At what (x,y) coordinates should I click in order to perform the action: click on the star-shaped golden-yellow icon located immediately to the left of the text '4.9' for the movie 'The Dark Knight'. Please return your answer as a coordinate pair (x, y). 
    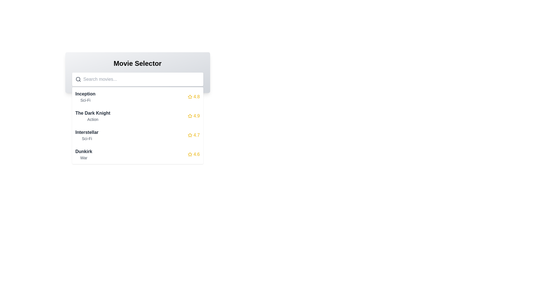
    Looking at the image, I should click on (190, 116).